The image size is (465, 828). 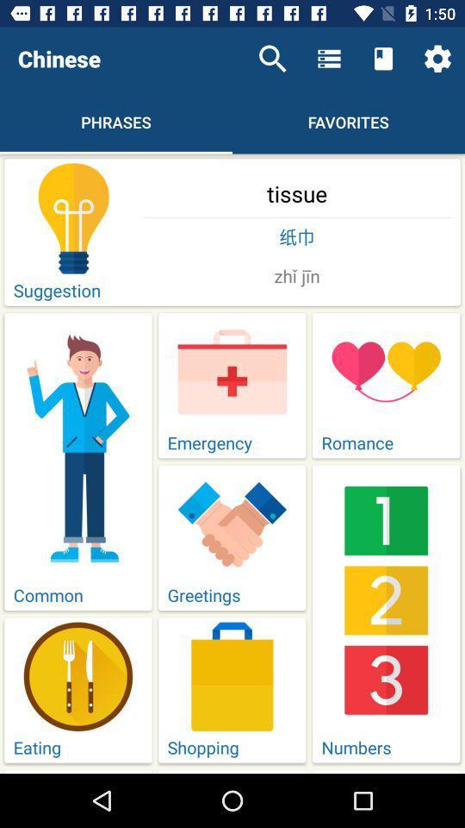 I want to click on item next to chinese item, so click(x=272, y=59).